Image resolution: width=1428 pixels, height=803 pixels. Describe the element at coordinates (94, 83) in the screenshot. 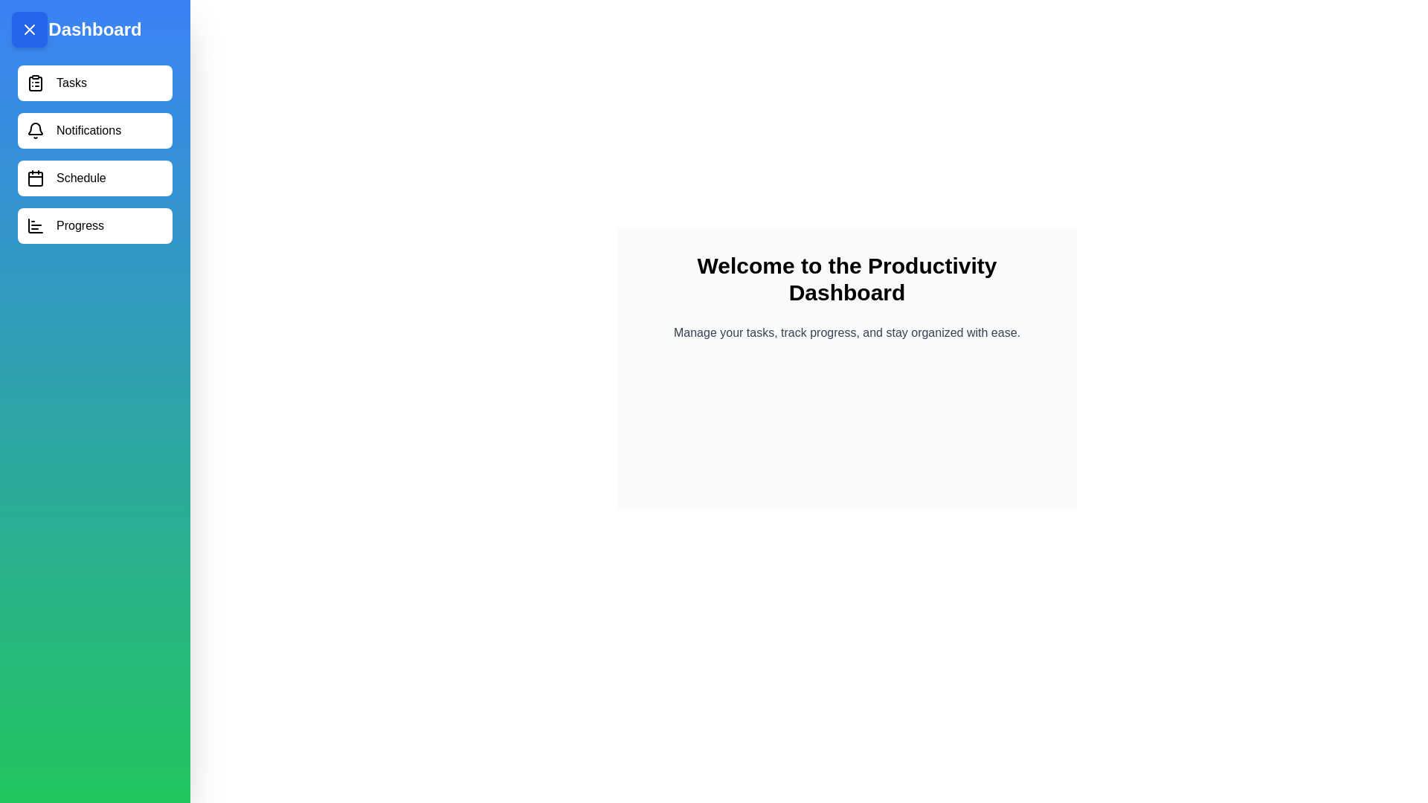

I see `the menu item Tasks from the drawer` at that location.